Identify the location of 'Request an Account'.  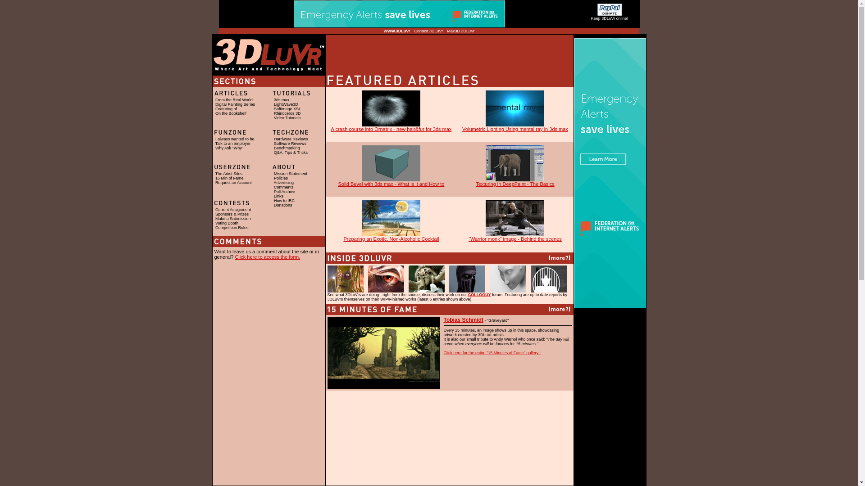
(233, 182).